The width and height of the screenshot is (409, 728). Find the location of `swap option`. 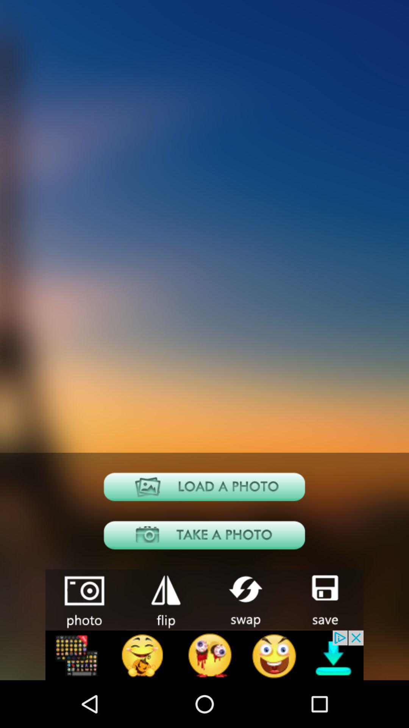

swap option is located at coordinates (244, 599).